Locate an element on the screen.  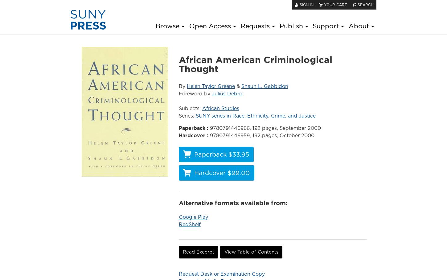
'Hardcover
                                                                        $99.00' is located at coordinates (221, 173).